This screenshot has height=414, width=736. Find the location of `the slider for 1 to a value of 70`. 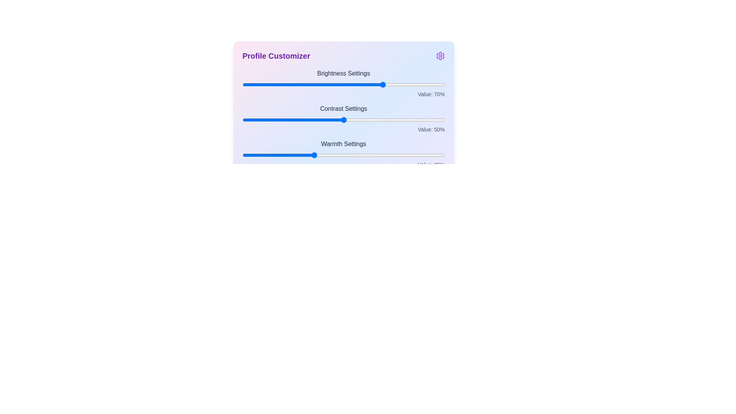

the slider for 1 to a value of 70 is located at coordinates (384, 120).